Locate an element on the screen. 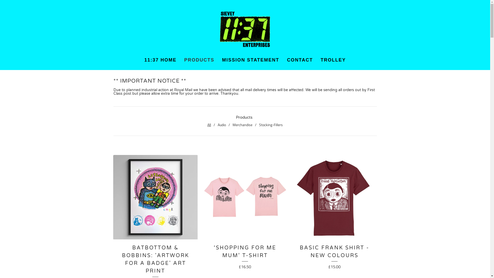  'Home' is located at coordinates (244, 29).